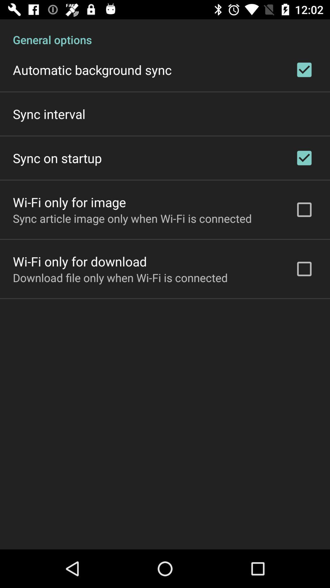  Describe the element at coordinates (132, 218) in the screenshot. I see `the sync article image item` at that location.